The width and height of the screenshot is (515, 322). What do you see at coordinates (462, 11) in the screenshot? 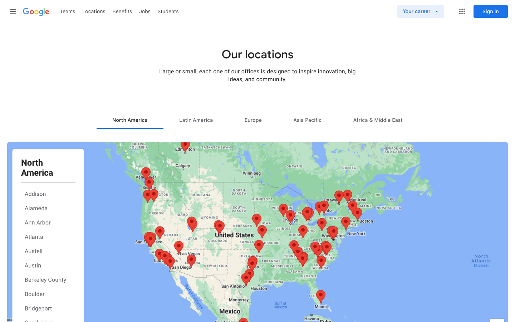
I see `Menu Window` at bounding box center [462, 11].